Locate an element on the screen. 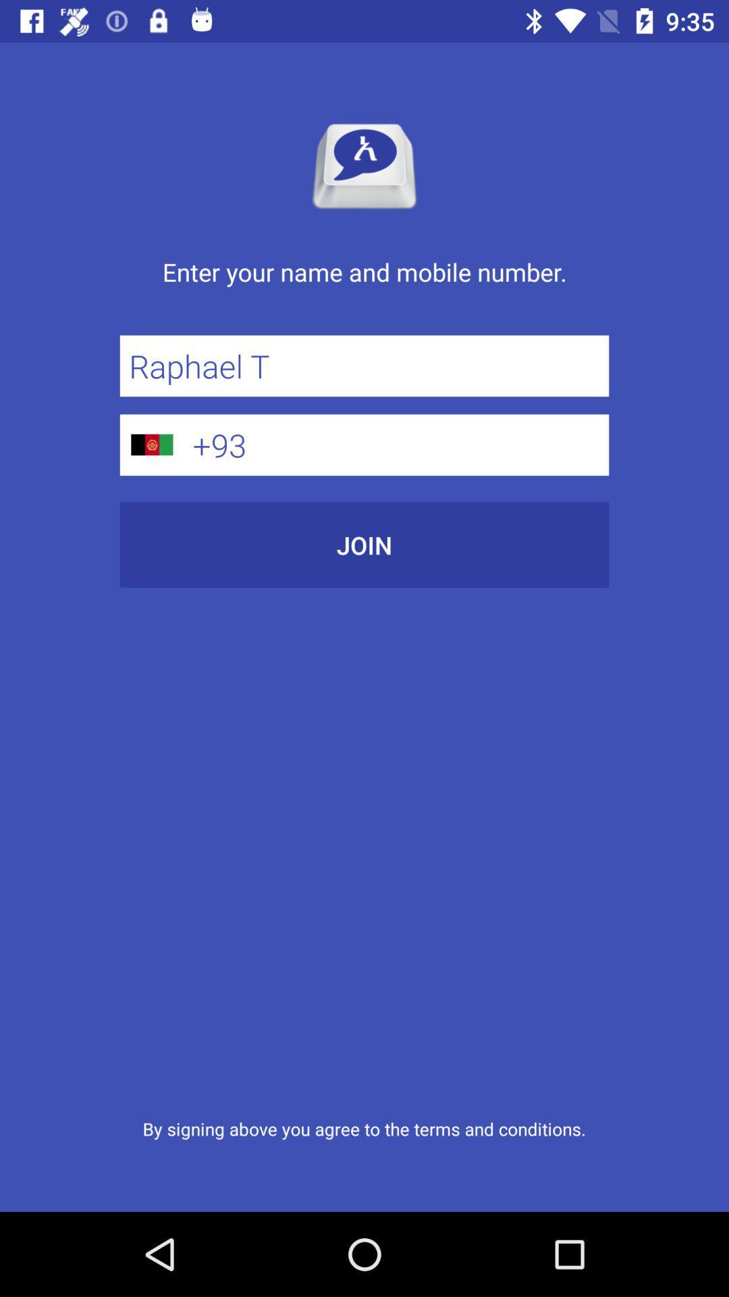 The height and width of the screenshot is (1297, 729). the +93 is located at coordinates (396, 444).